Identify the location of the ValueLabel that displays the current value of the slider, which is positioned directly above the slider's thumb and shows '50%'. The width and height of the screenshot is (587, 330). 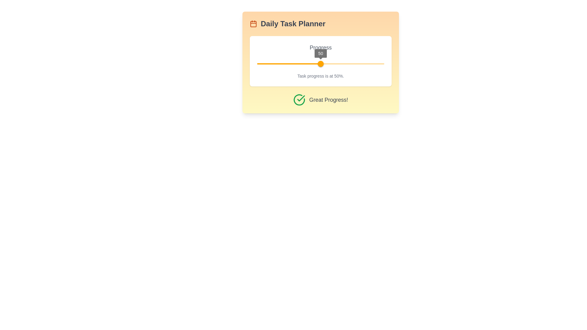
(320, 53).